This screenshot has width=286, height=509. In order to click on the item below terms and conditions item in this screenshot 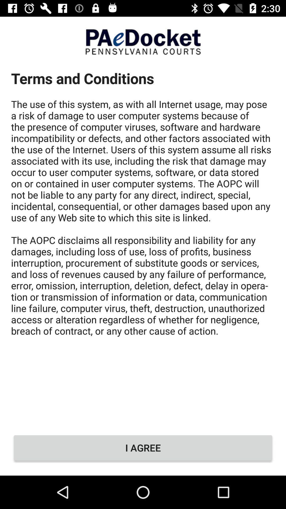, I will do `click(143, 447)`.